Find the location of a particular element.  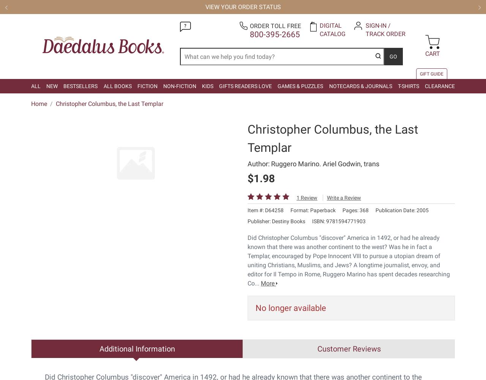

'5581 Hudson Industrial Parkway |  Hudson OH 44236-0099  |  Order toll free' is located at coordinates (224, 298).